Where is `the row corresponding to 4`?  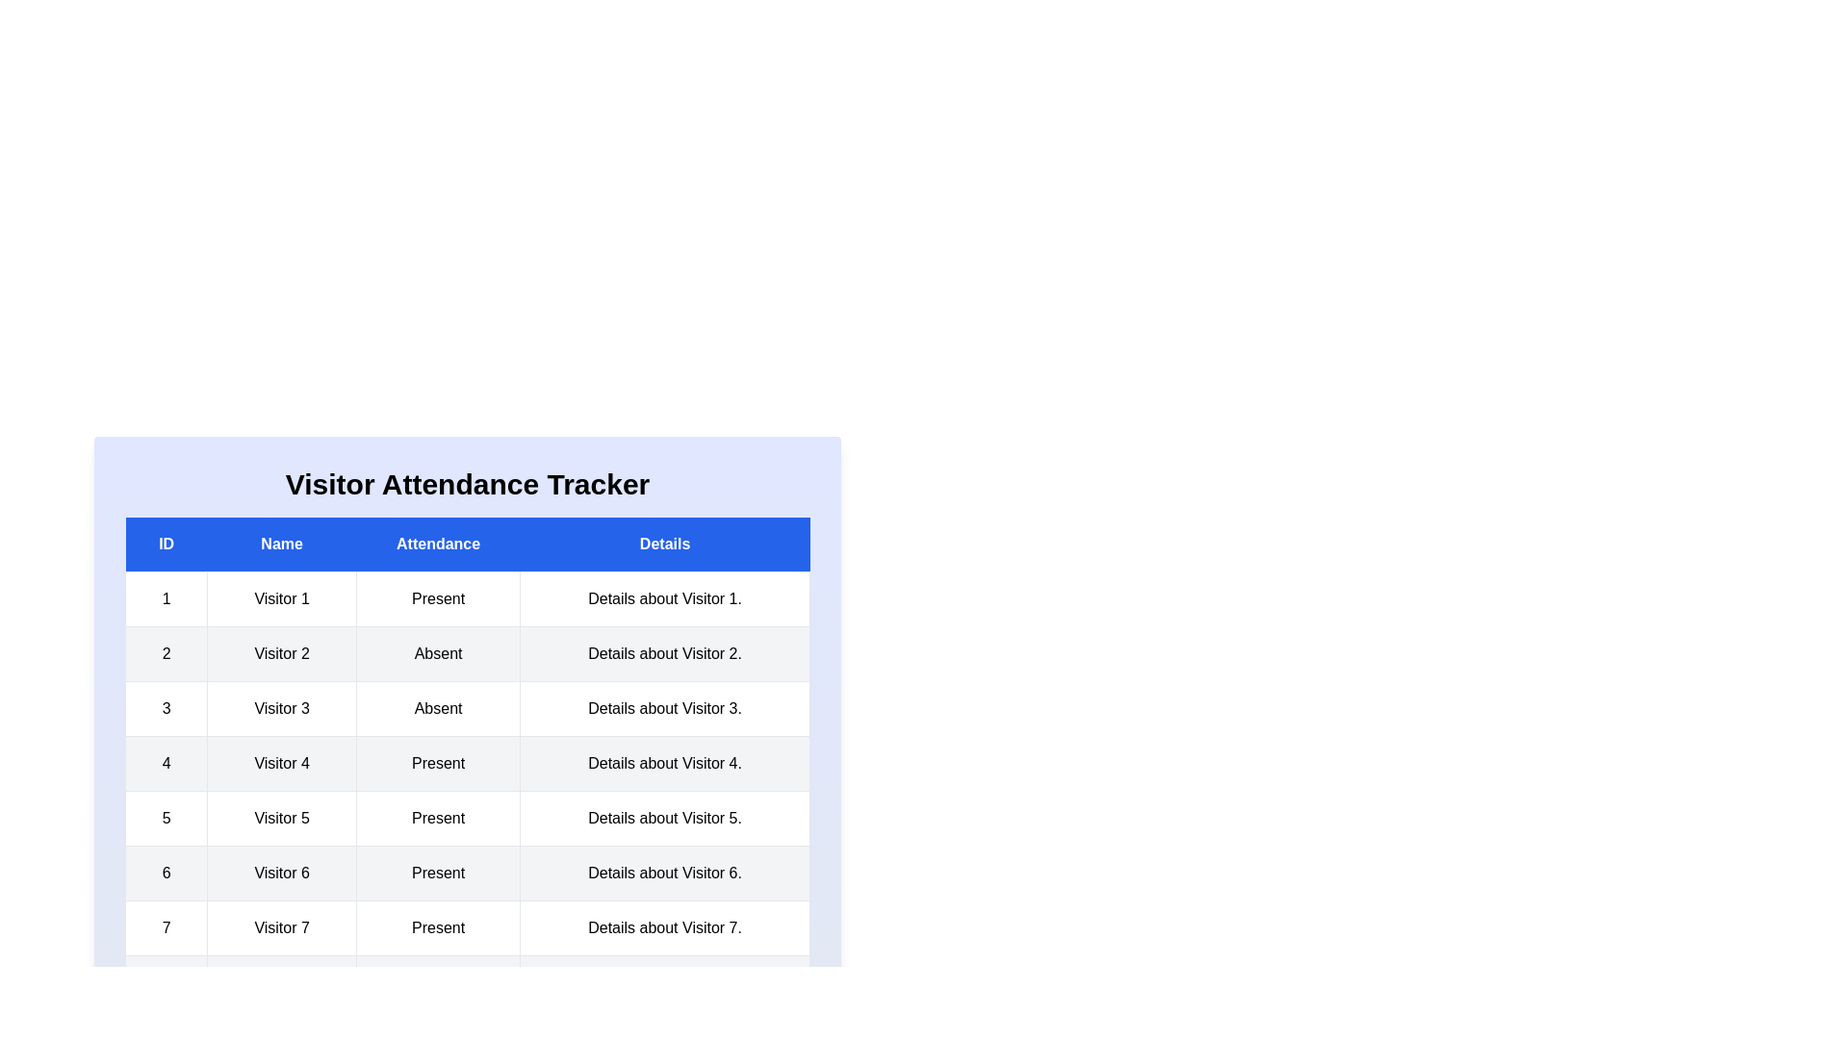 the row corresponding to 4 is located at coordinates (467, 763).